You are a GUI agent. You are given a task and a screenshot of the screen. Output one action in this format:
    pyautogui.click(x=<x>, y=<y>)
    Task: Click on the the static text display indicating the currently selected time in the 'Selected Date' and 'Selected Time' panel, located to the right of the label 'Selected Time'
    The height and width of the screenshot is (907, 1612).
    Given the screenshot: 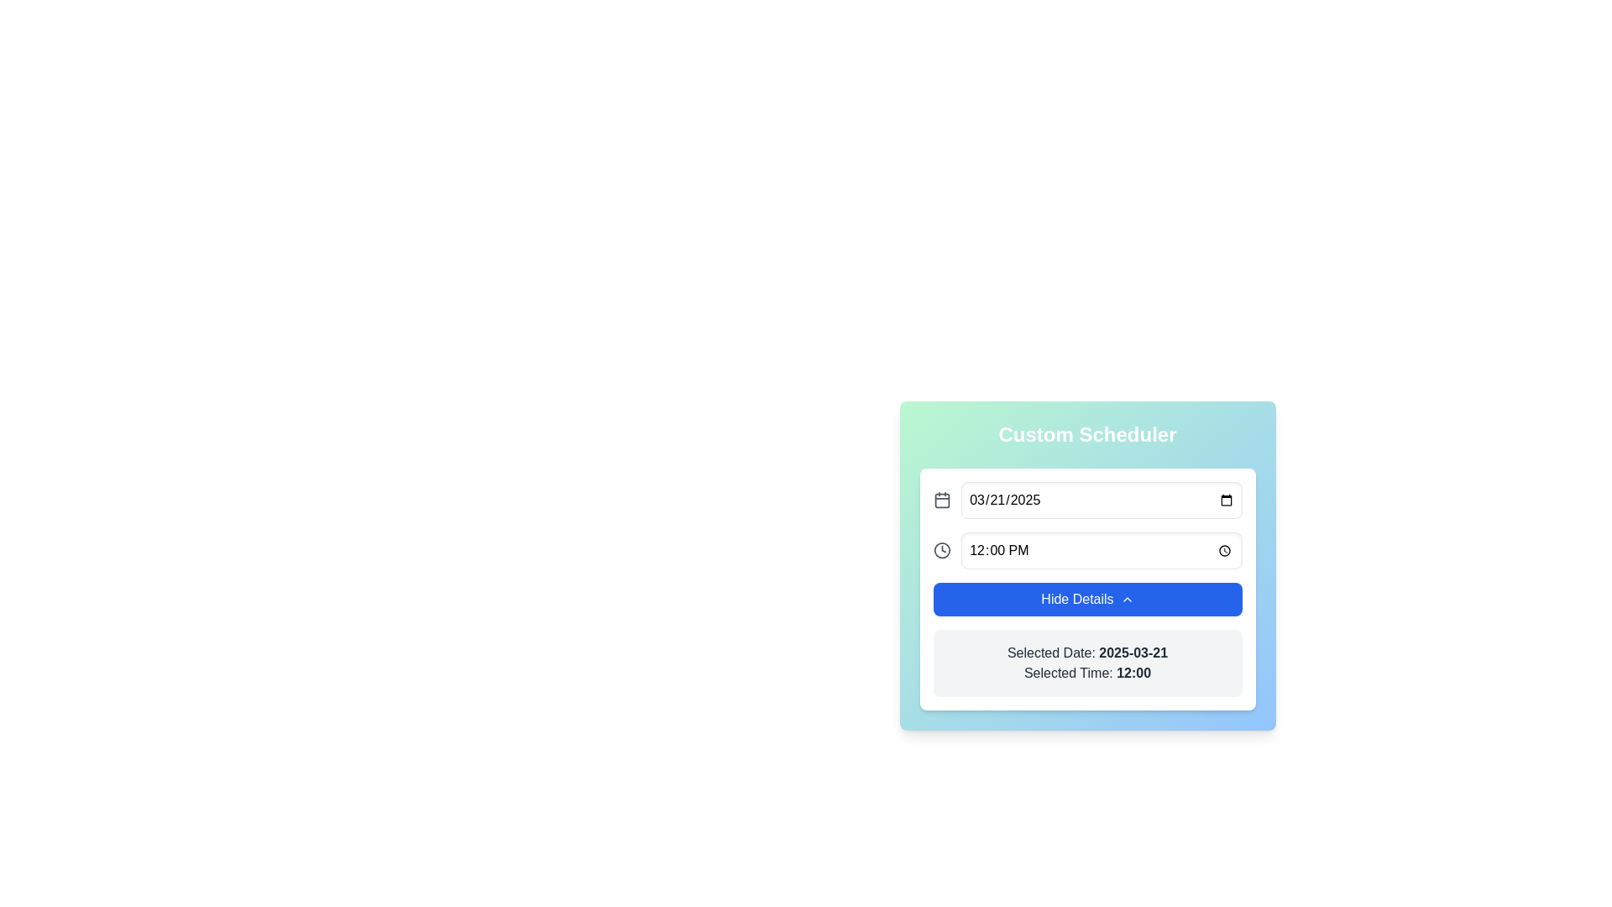 What is the action you would take?
    pyautogui.click(x=1133, y=672)
    